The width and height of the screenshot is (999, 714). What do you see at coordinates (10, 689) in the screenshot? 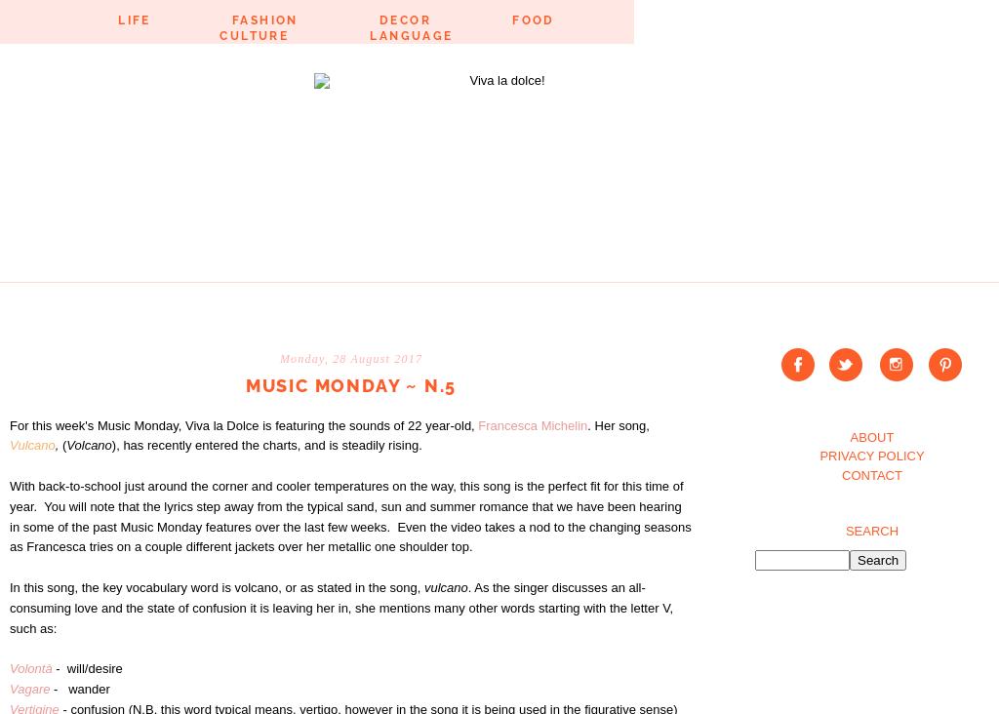
I see `'Vagare'` at bounding box center [10, 689].